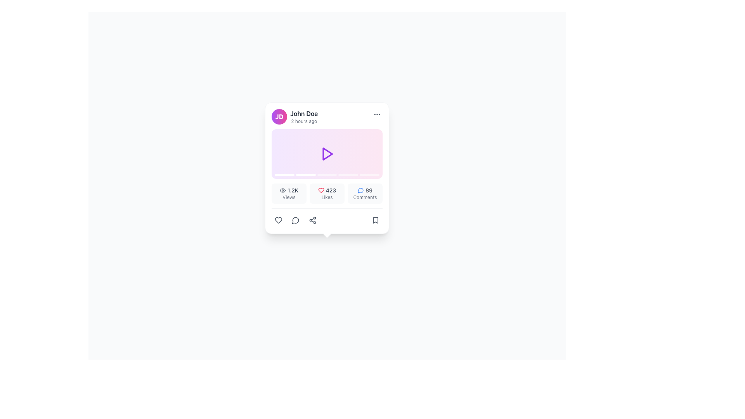 This screenshot has width=745, height=419. I want to click on the 'Likes' text label, which is located at the bottom of a rounded rectangular box containing the heart icon and the number '423', indicating the count of likes on the post, so click(327, 197).